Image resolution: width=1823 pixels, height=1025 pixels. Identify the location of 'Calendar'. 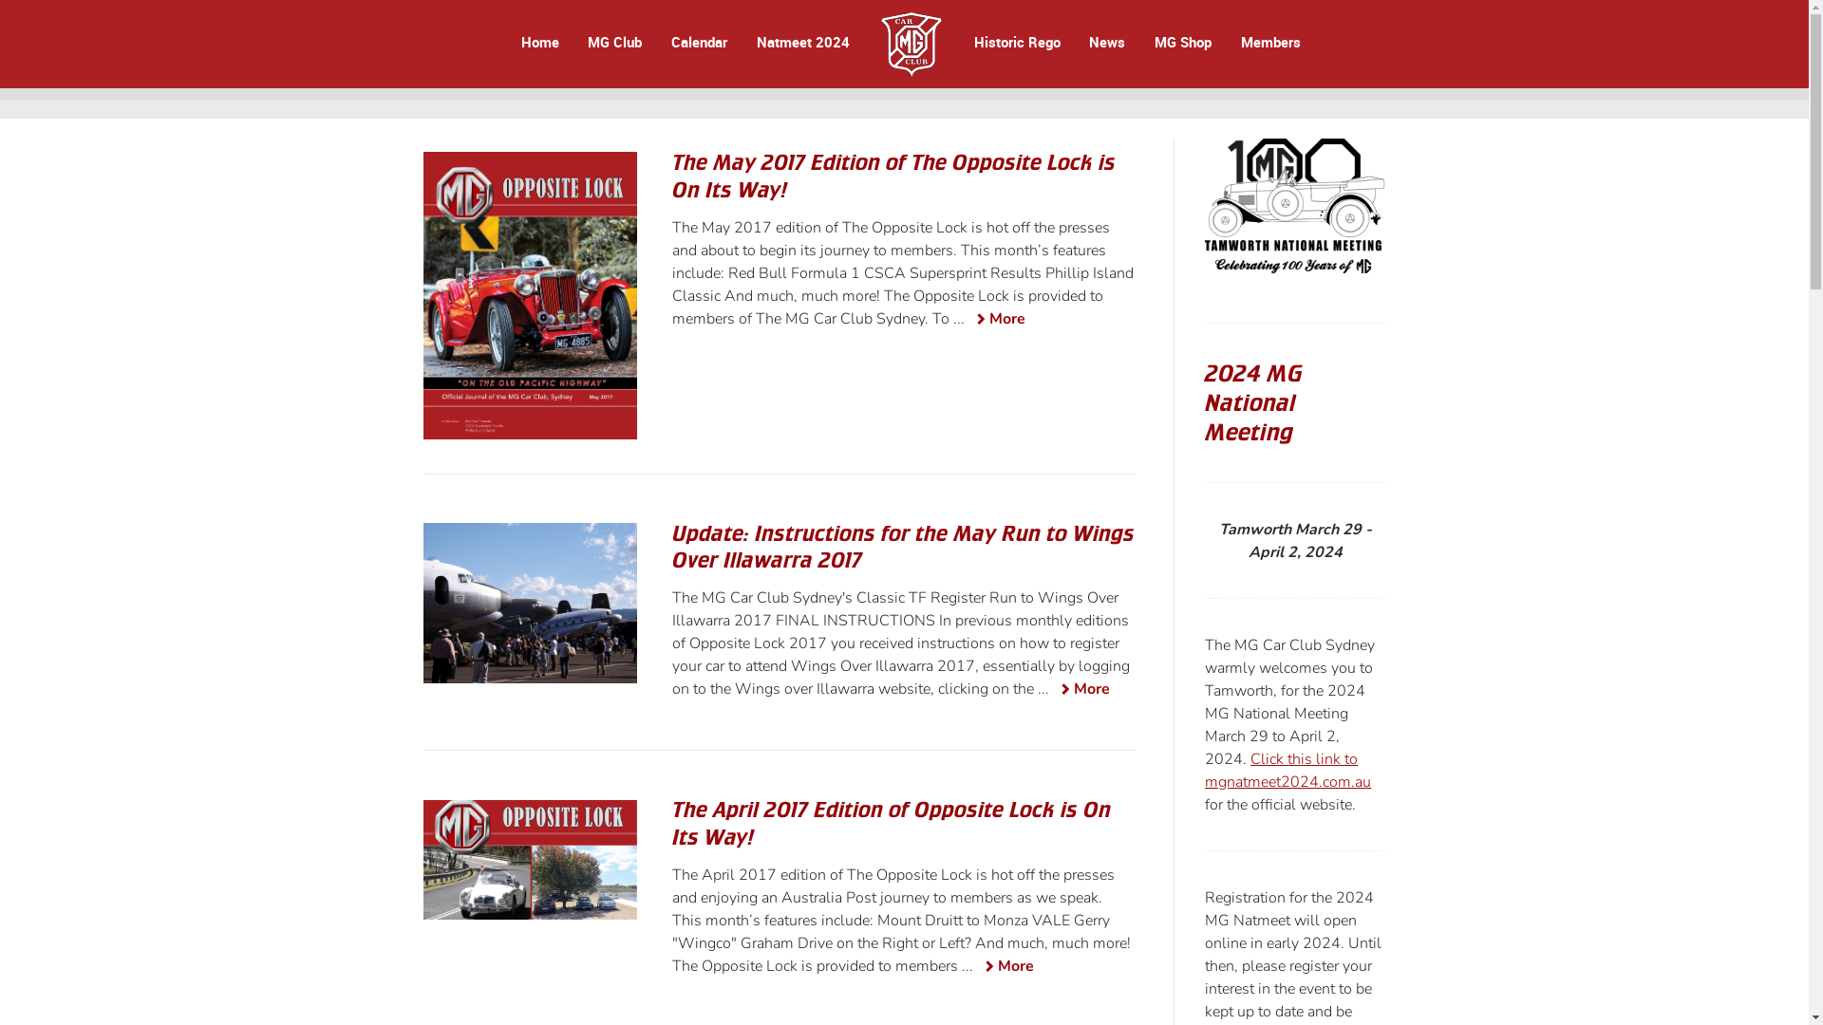
(698, 41).